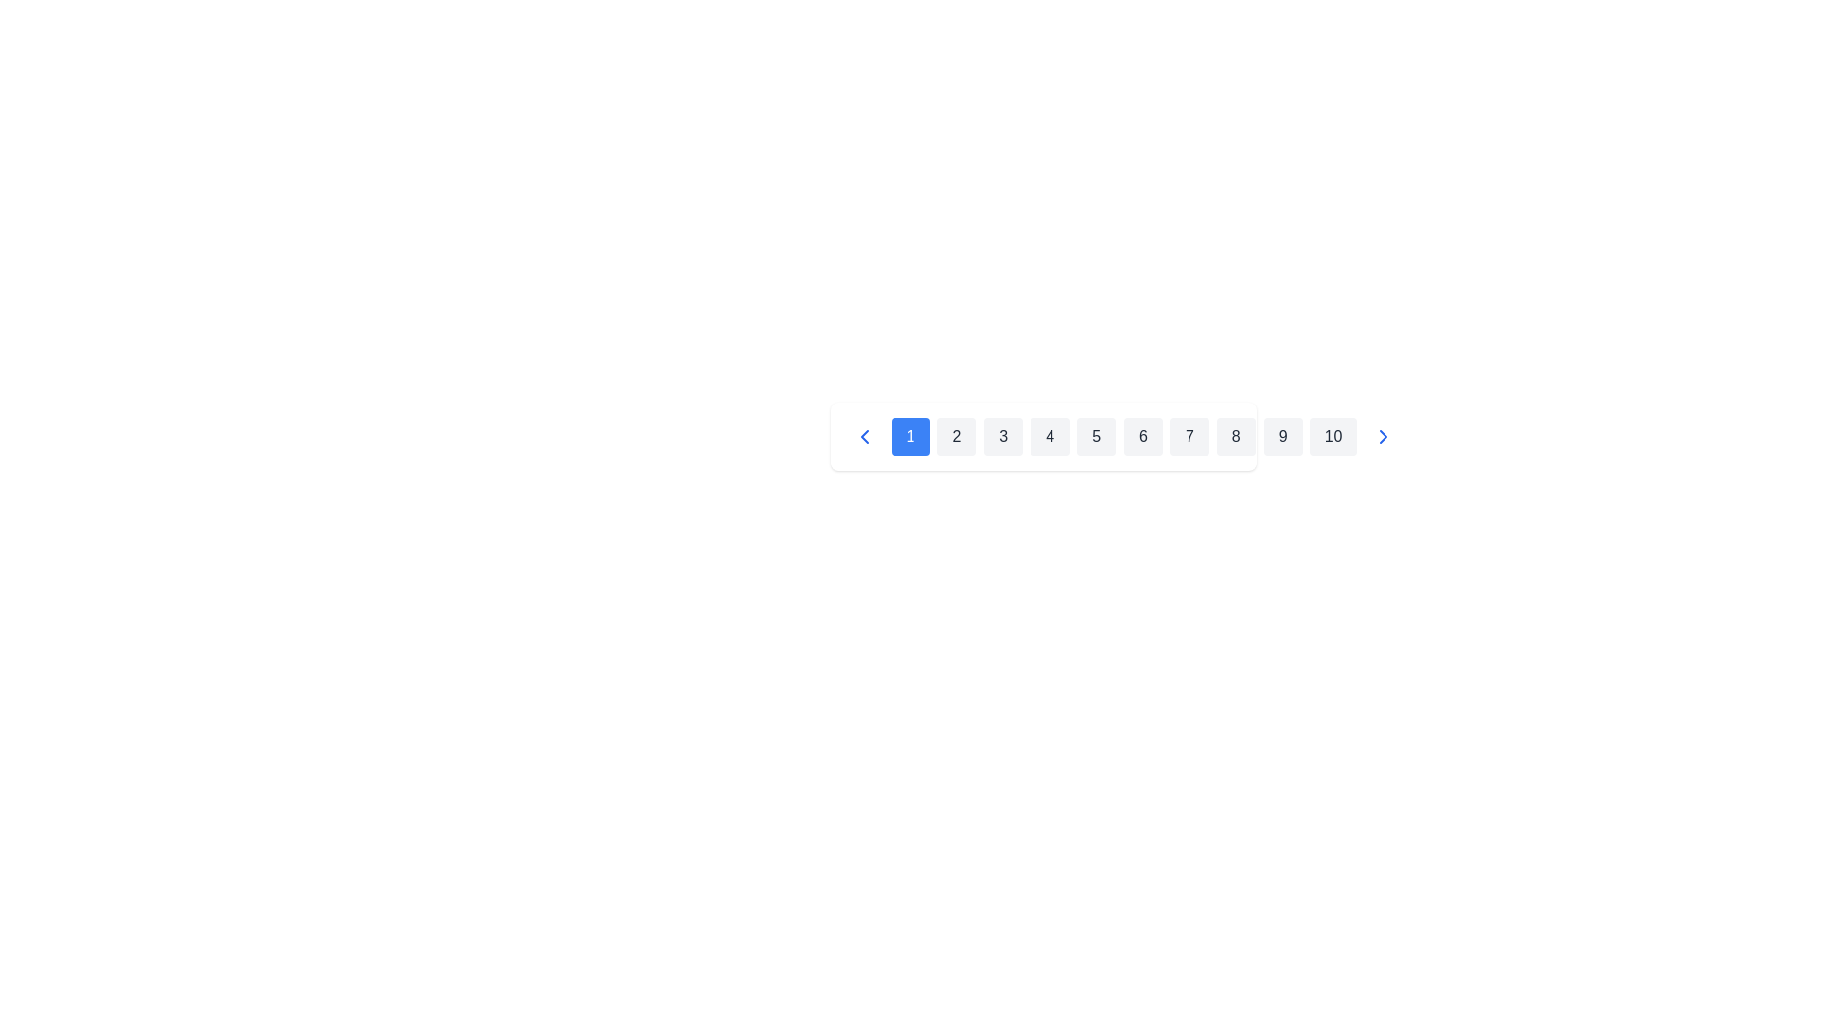  Describe the element at coordinates (863, 437) in the screenshot. I see `the 'Previous Page' button located at the far left of the pagination control bar, adjacent` at that location.